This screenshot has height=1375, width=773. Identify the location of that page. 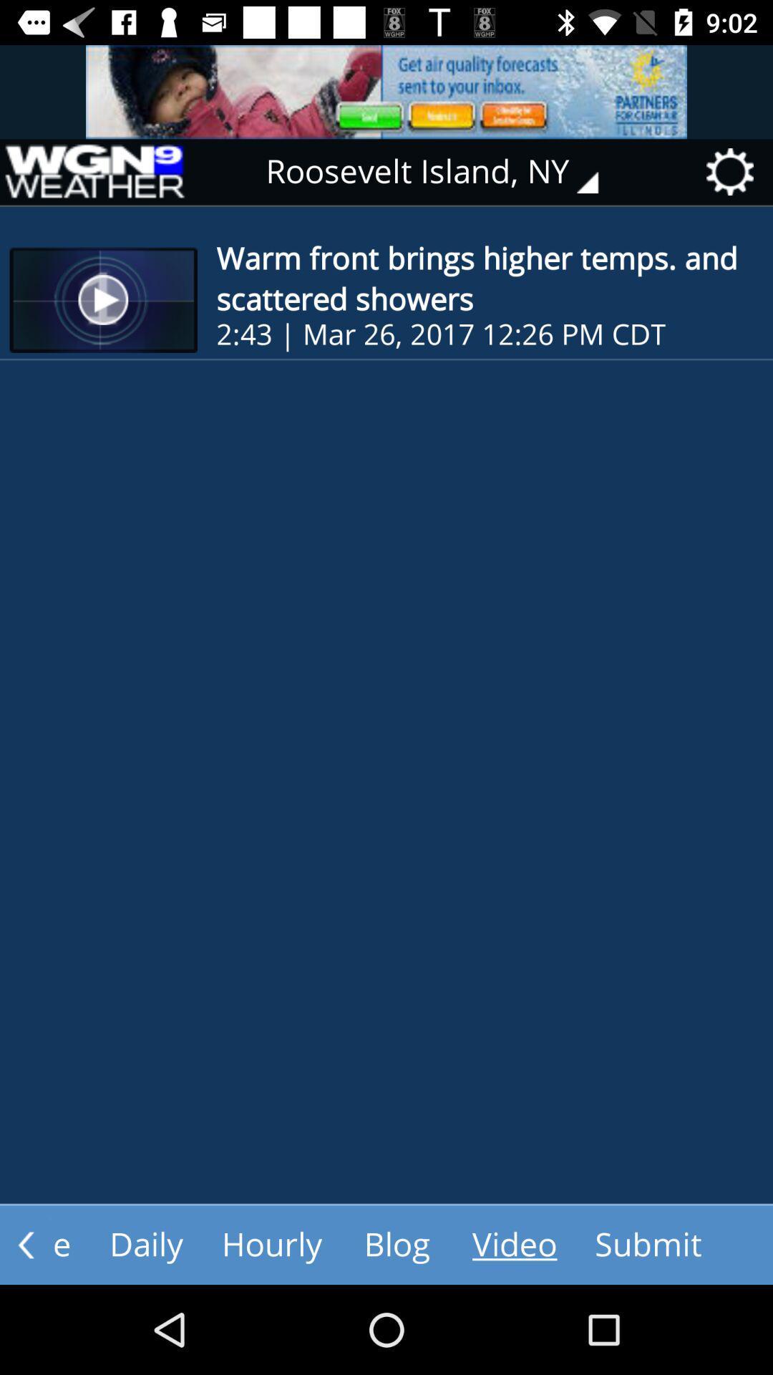
(94, 172).